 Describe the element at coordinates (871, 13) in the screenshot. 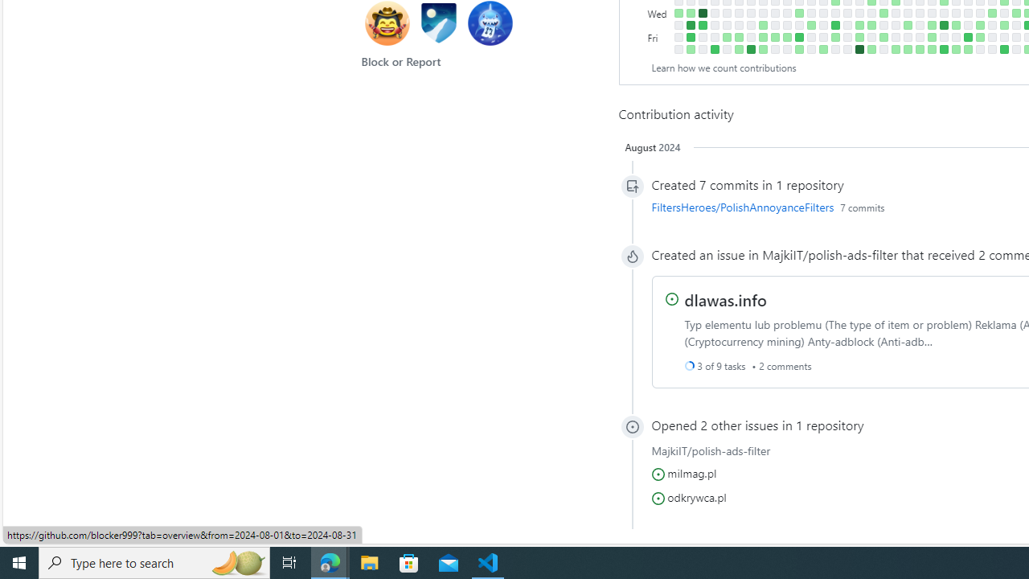

I see `'No contributions on April 24th.'` at that location.